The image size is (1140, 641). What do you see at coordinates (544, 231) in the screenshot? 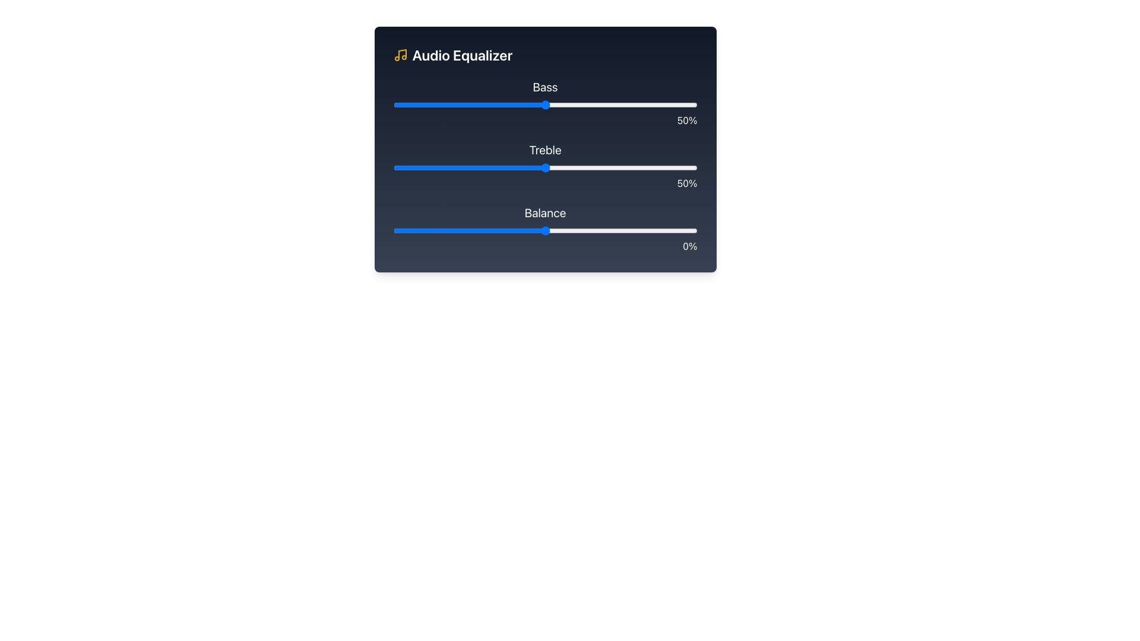
I see `the horizontal slider with a blue marker located below the 'Balance' label and above the '0%' indicator in the audio equalizer interface` at bounding box center [544, 231].